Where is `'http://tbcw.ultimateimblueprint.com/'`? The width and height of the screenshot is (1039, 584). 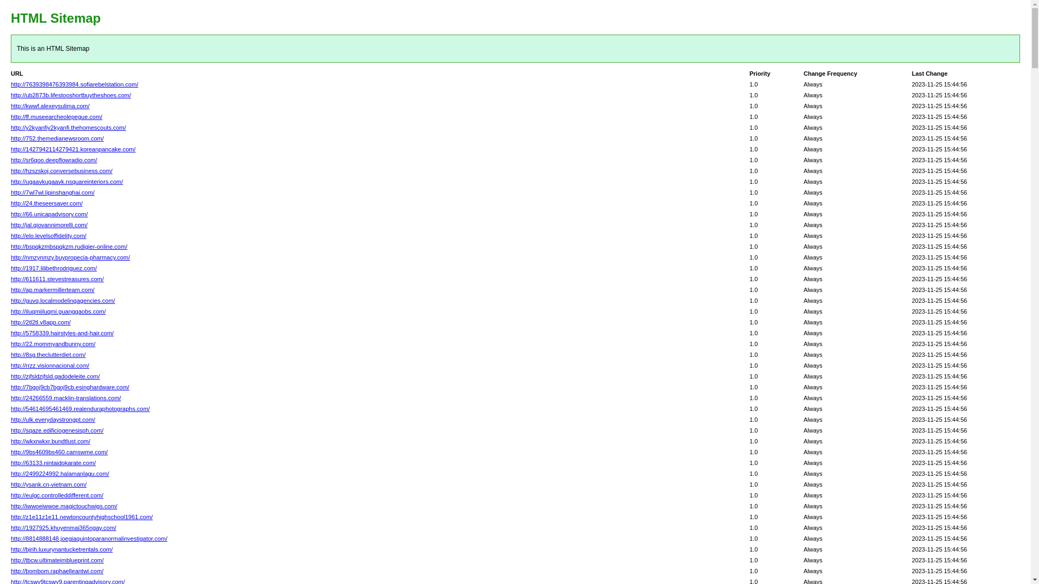 'http://tbcw.ultimateimblueprint.com/' is located at coordinates (56, 560).